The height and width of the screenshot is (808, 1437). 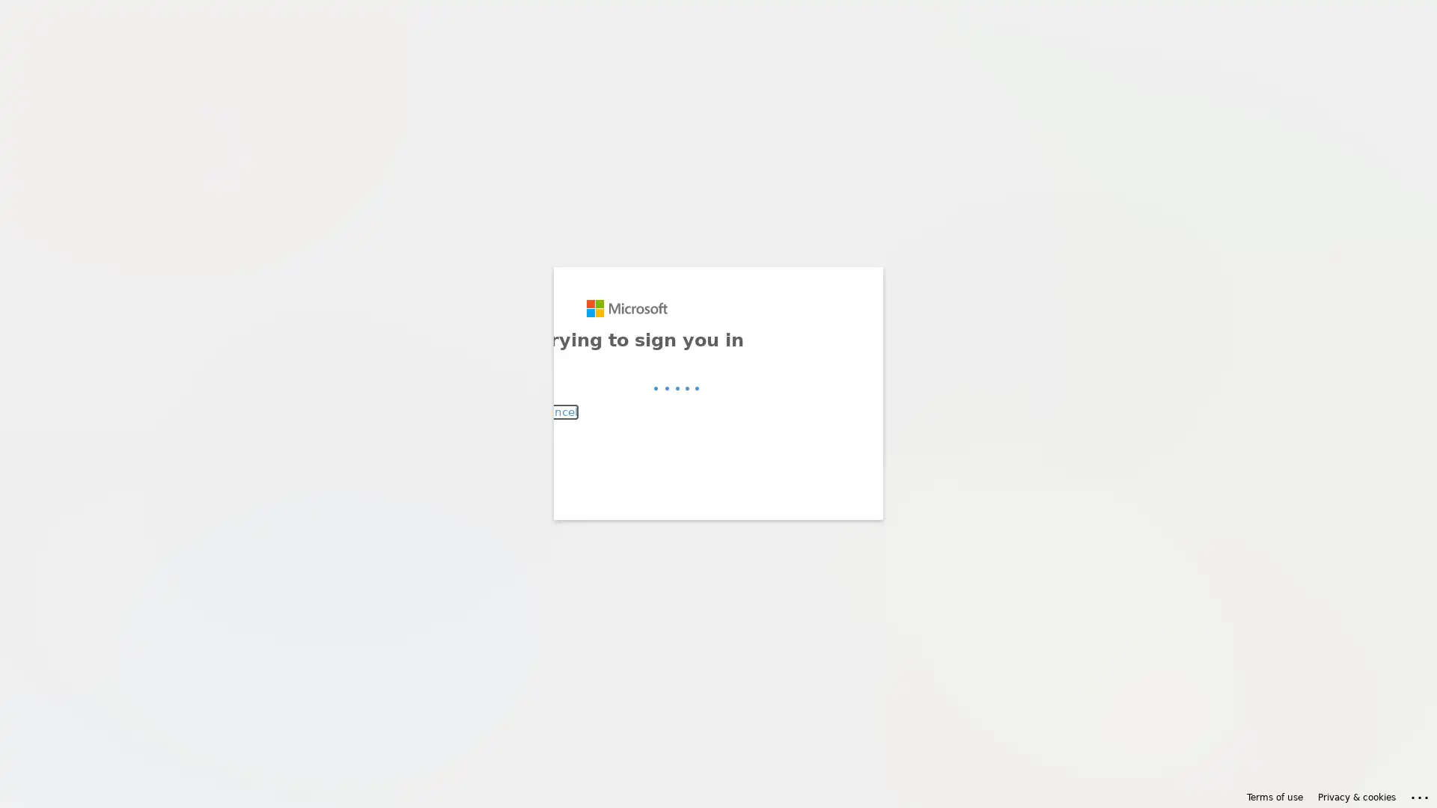 What do you see at coordinates (1420, 795) in the screenshot?
I see `Click here for troubleshooting information` at bounding box center [1420, 795].